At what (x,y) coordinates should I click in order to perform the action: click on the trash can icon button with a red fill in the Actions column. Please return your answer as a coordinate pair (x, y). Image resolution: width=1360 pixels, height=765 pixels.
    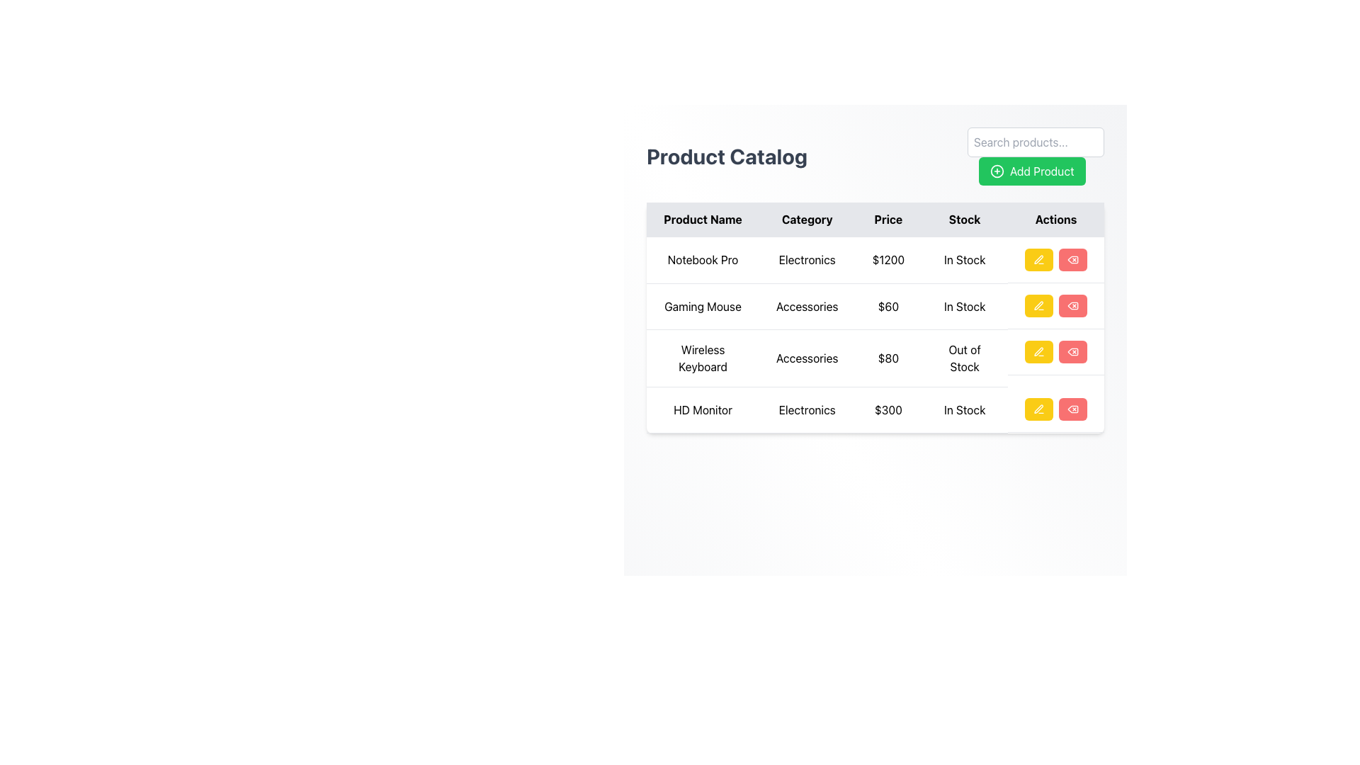
    Looking at the image, I should click on (1073, 259).